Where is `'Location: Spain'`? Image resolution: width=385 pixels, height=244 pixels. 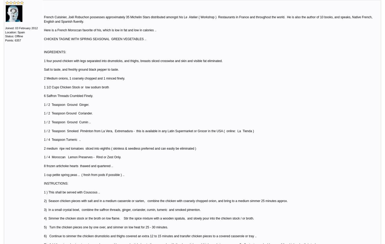
'Location: Spain' is located at coordinates (15, 32).